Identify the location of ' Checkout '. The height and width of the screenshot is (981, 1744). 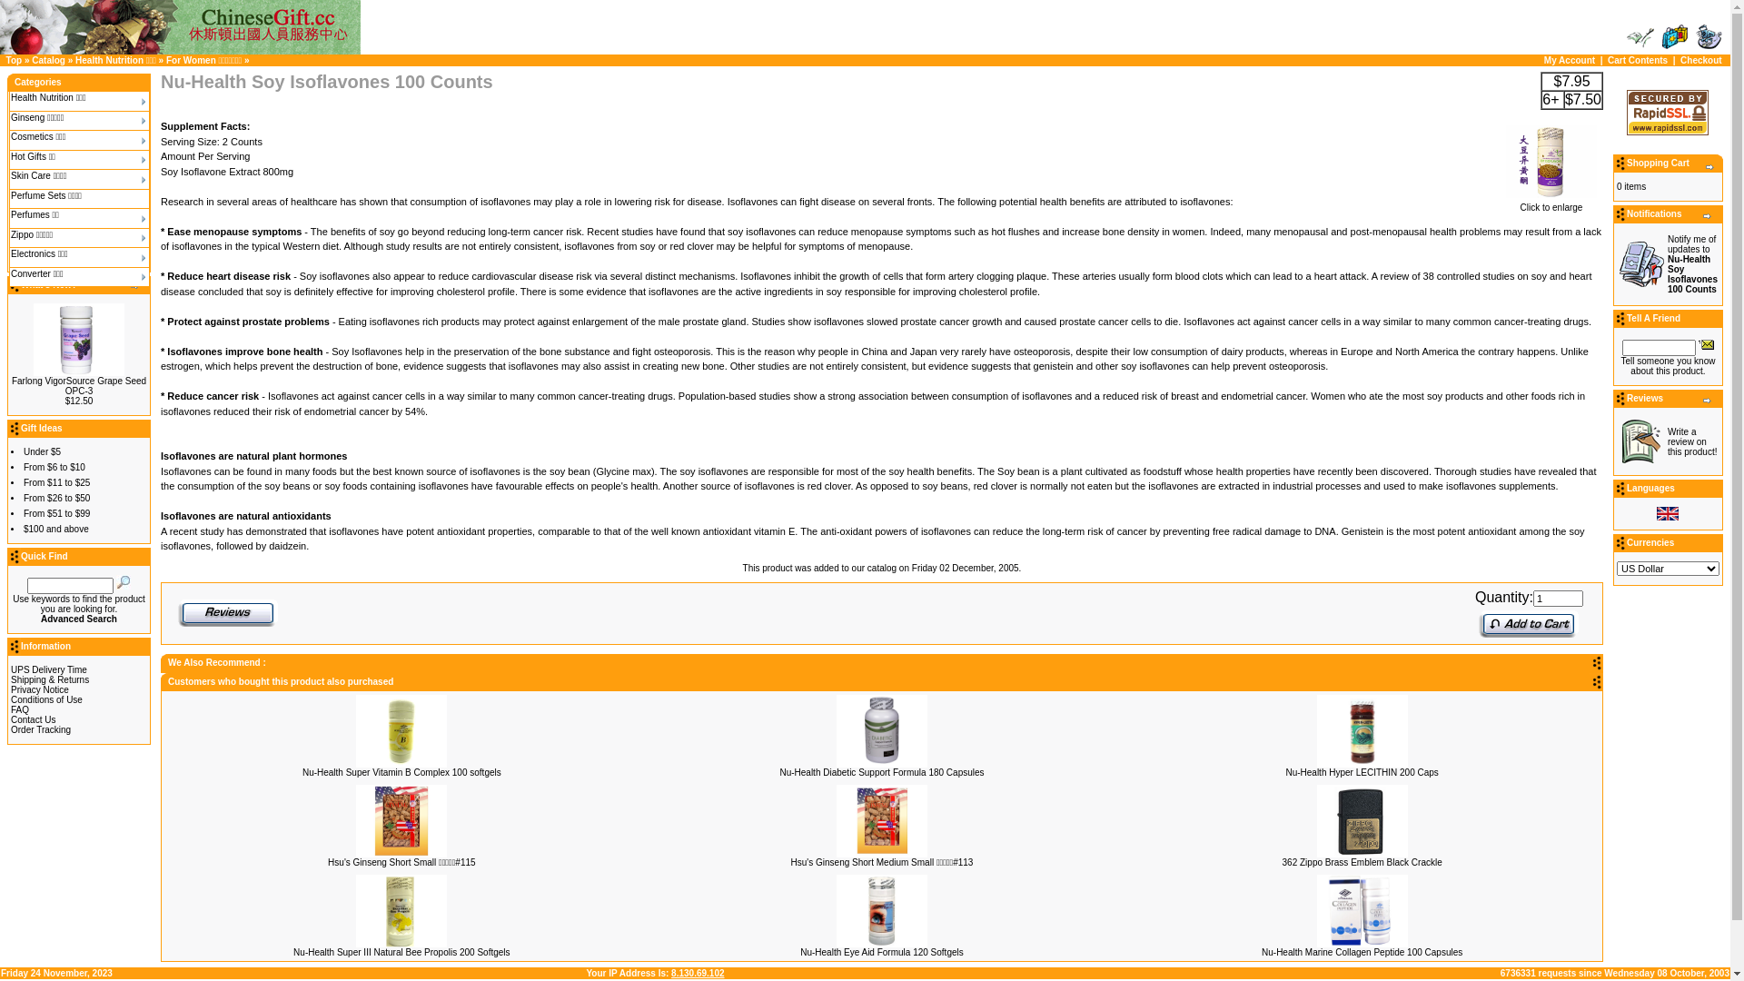
(1708, 37).